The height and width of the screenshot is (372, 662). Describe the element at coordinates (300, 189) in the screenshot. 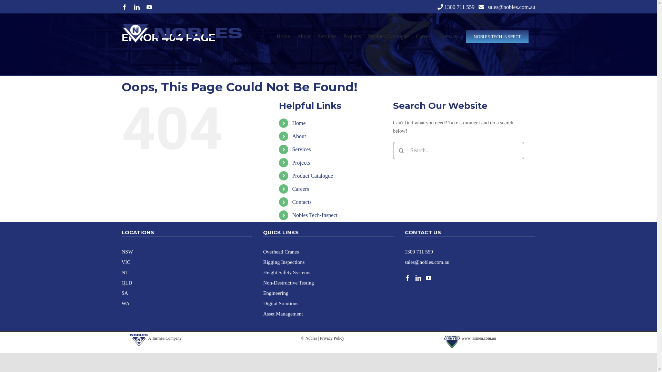

I see `'Careers'` at that location.